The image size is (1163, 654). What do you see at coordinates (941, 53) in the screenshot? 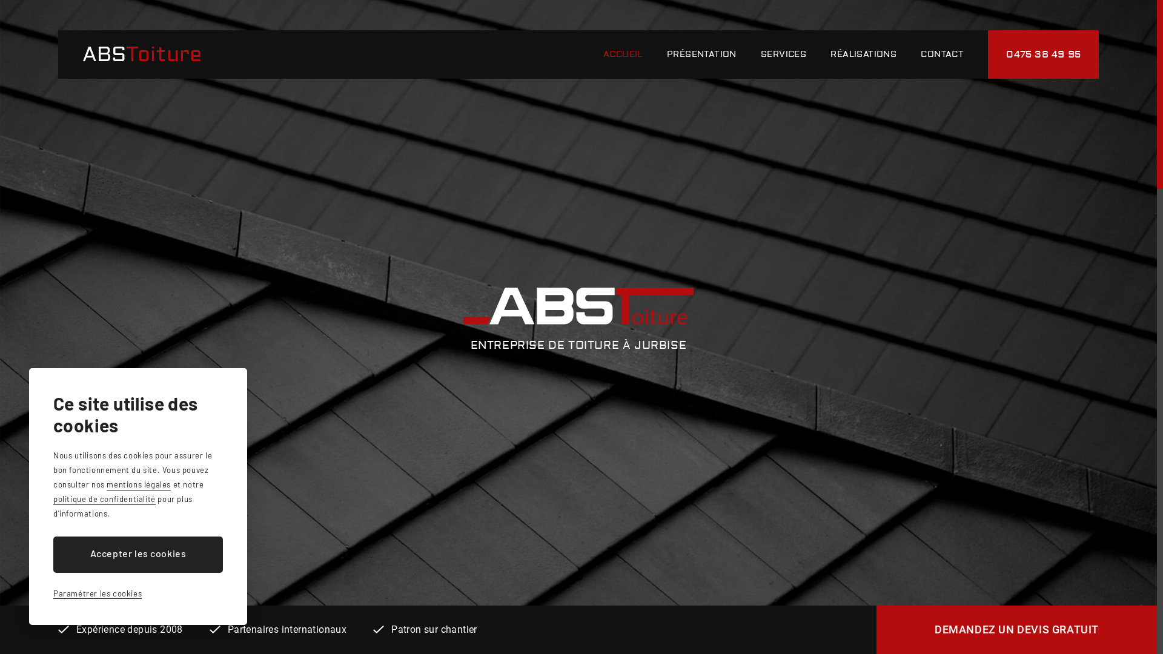
I see `'CONTACT'` at bounding box center [941, 53].